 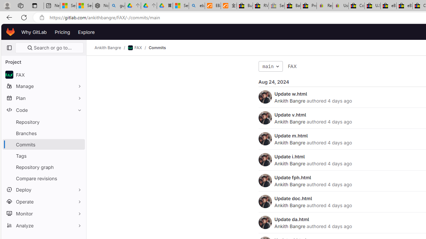 I want to click on 'Operate', so click(x=43, y=201).